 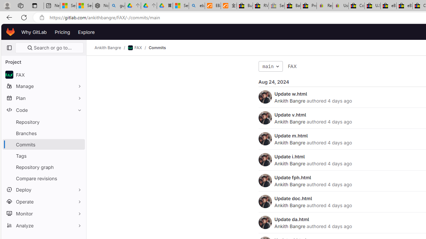 I want to click on 'Operate', so click(x=43, y=201).